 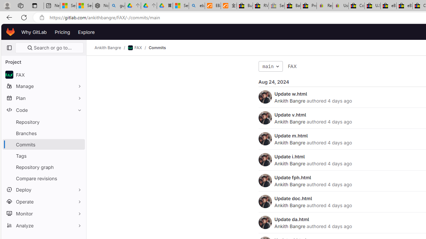 I want to click on 'Operate', so click(x=43, y=201).